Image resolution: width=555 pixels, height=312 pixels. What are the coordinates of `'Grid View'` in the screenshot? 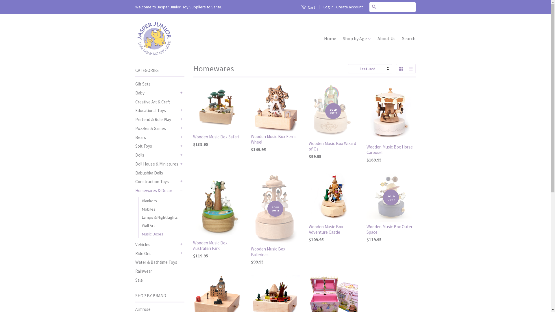 It's located at (400, 68).